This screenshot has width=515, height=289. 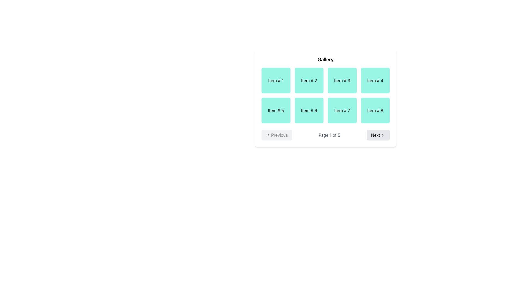 What do you see at coordinates (276, 110) in the screenshot?
I see `the text label displaying 'Item # 5', which is styled with bold black text on a light teal background and located in the fifth item card in the grid under the 'Gallery' title` at bounding box center [276, 110].